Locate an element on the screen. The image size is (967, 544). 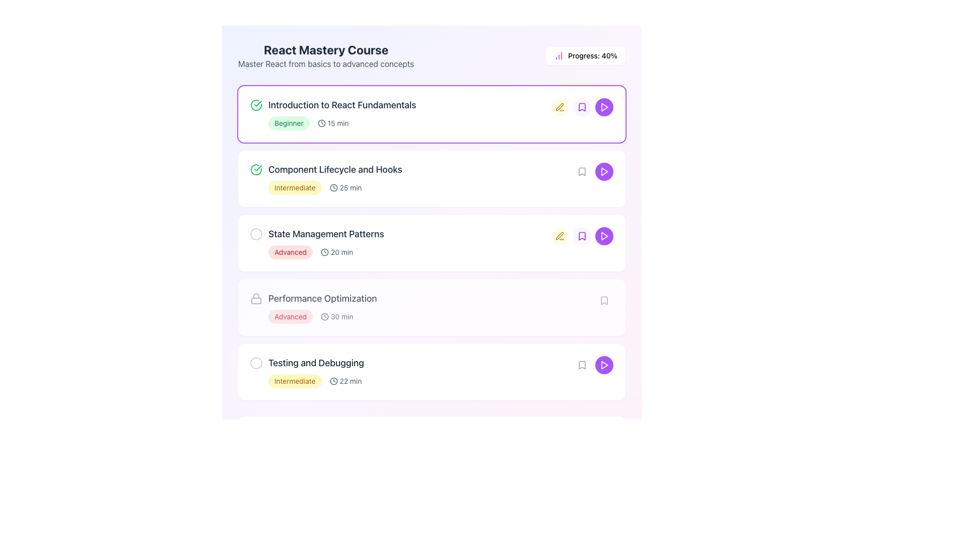
the text label reading 'Introduction to React Fundamentals' which is the first entry under the course overview header is located at coordinates (400, 105).